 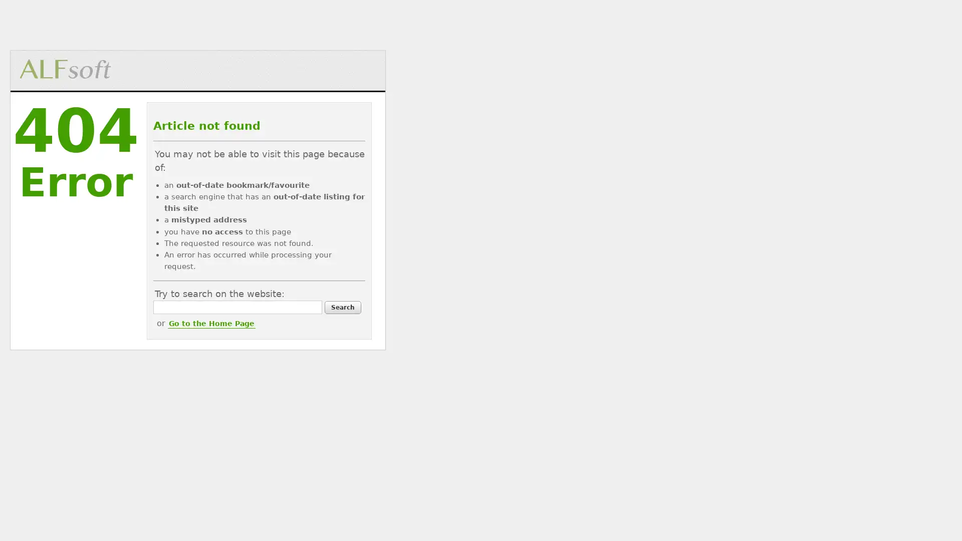 What do you see at coordinates (342, 307) in the screenshot?
I see `Search` at bounding box center [342, 307].